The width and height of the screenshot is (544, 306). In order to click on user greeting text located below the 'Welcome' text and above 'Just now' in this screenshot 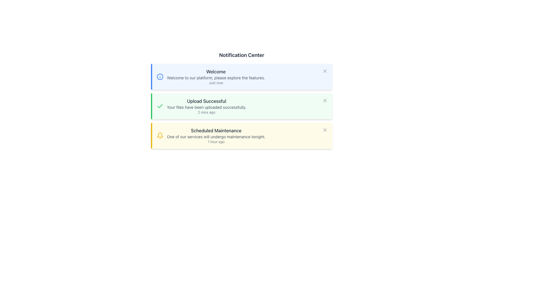, I will do `click(216, 78)`.